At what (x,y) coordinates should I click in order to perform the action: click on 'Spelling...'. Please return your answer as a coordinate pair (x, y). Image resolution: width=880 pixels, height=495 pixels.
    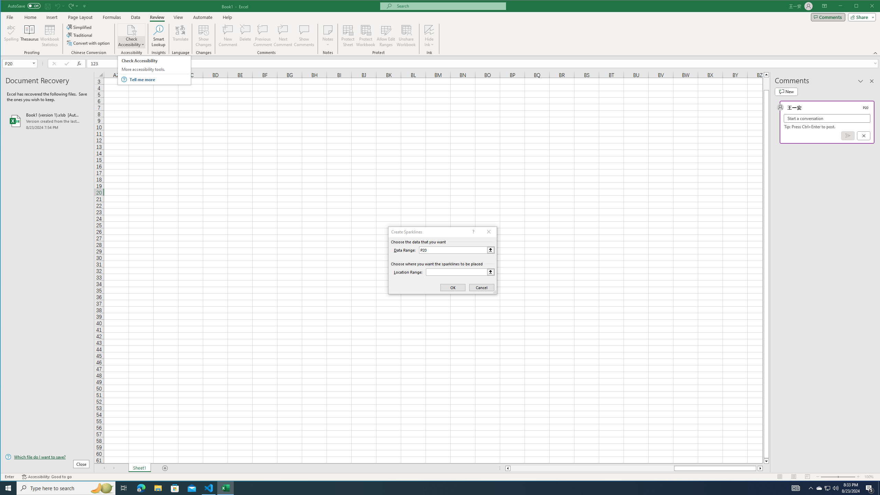
    Looking at the image, I should click on (11, 35).